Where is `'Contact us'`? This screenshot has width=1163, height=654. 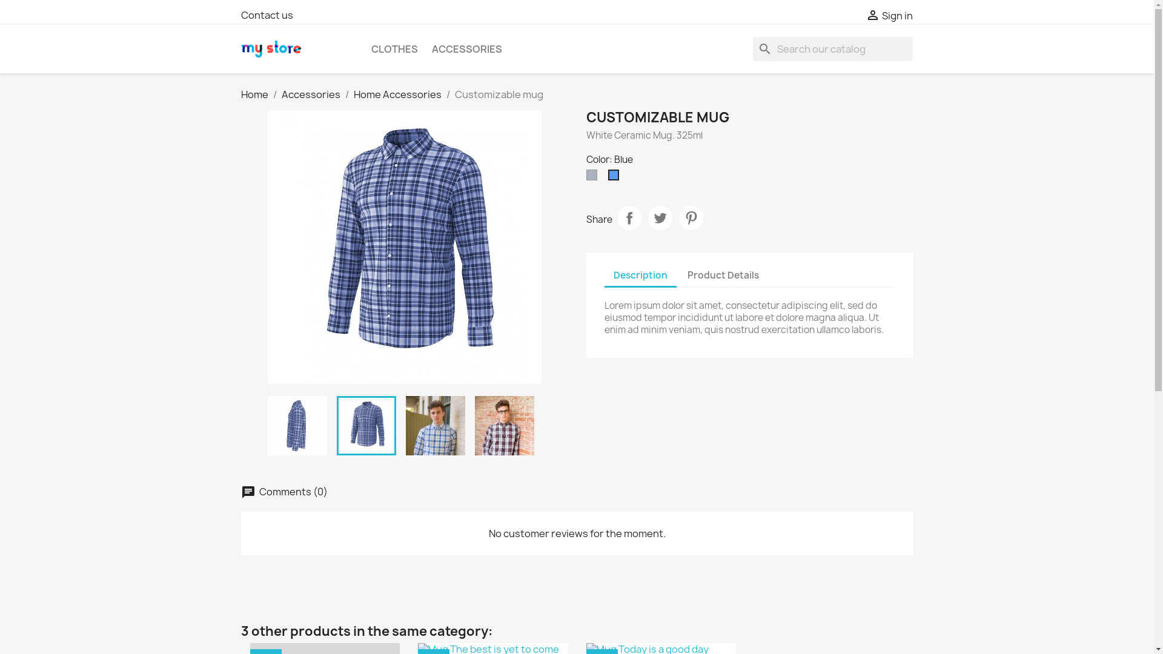
'Contact us' is located at coordinates (267, 15).